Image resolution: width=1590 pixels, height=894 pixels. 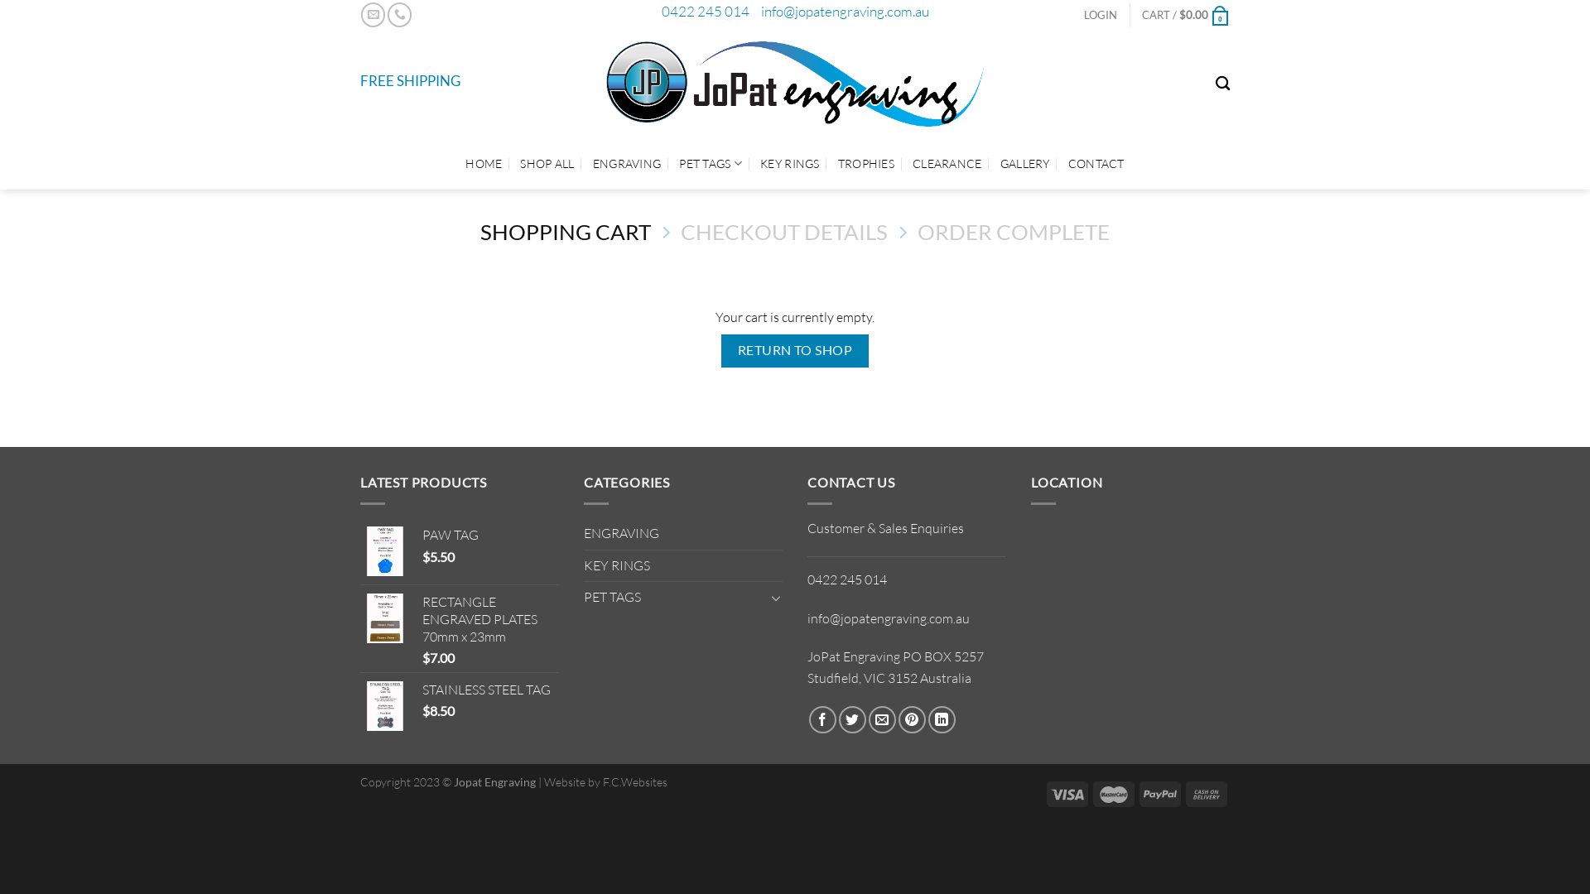 I want to click on 'CHECKOUT DETAILS', so click(x=783, y=231).